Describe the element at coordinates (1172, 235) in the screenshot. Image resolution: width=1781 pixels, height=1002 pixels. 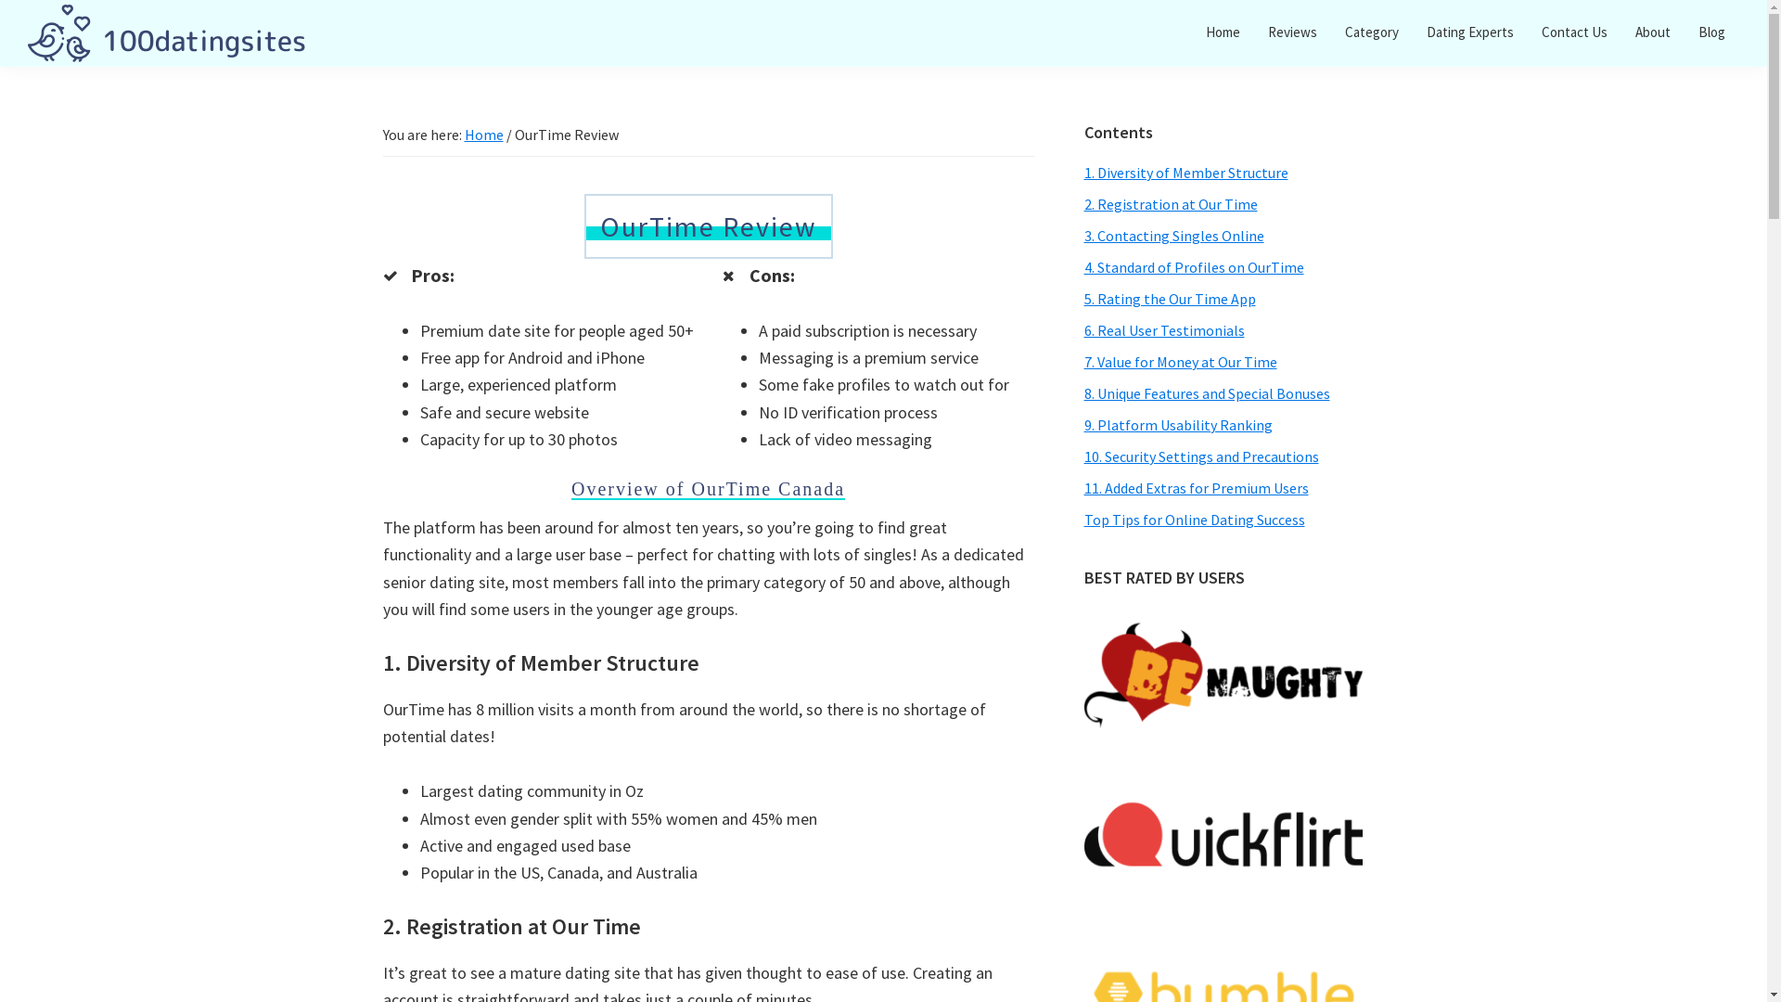
I see `'3. Contacting Singles Online'` at that location.